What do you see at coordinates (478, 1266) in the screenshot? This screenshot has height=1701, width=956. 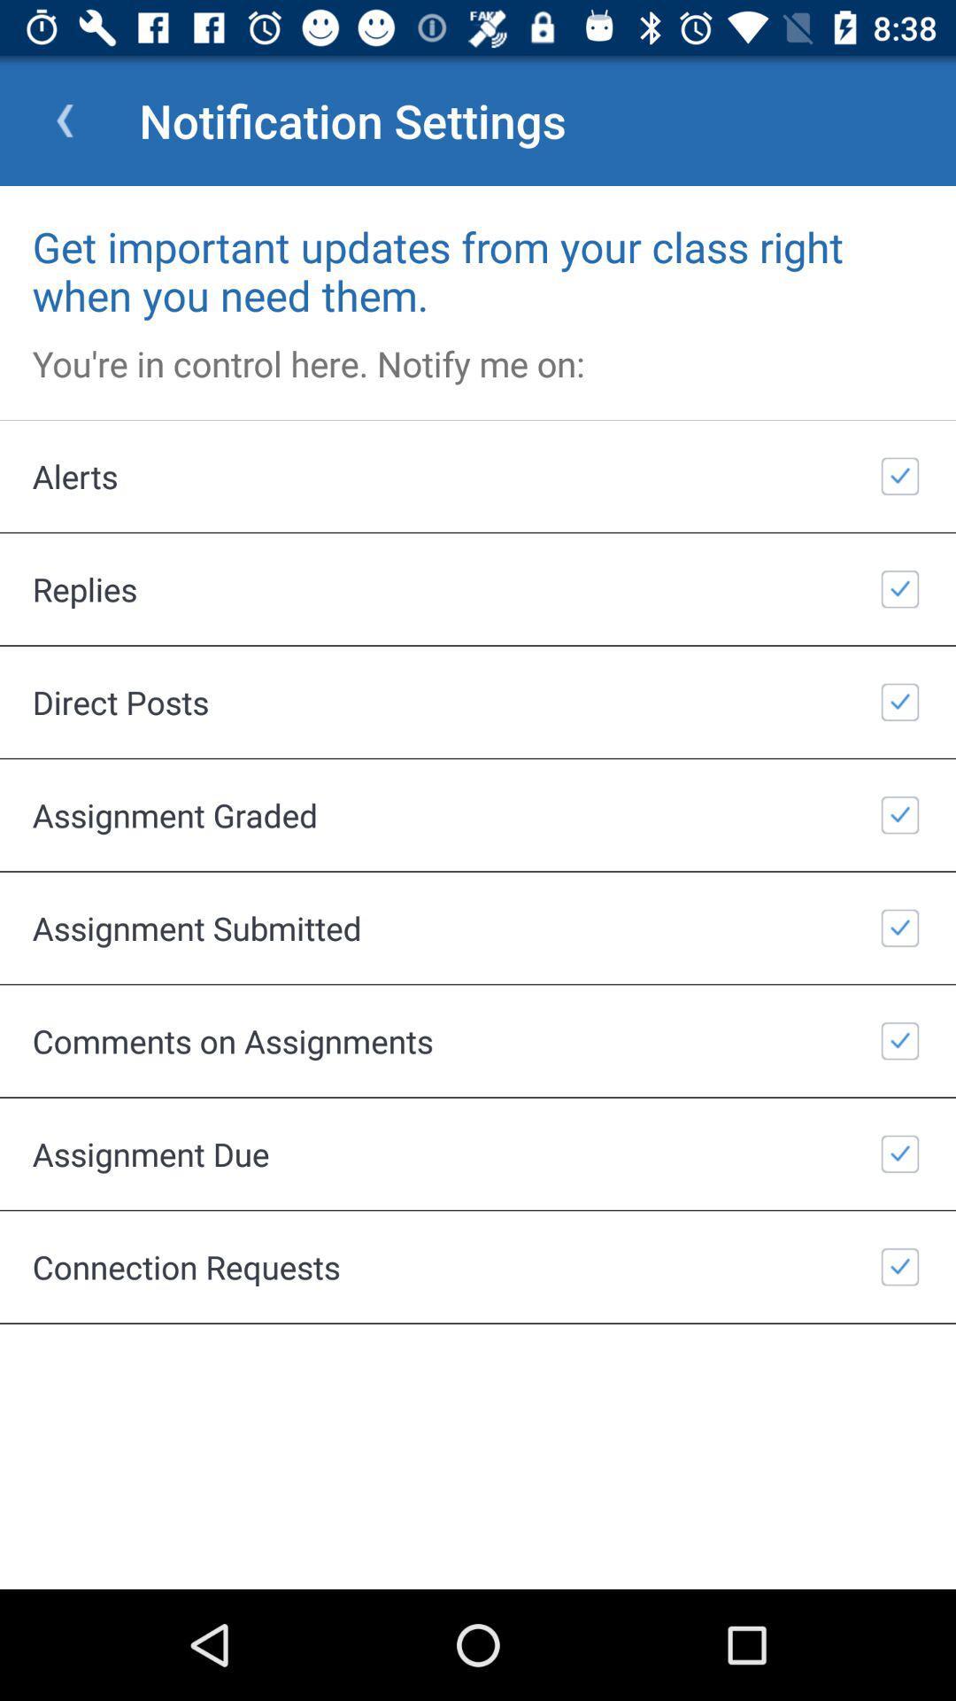 I see `item below assignment due` at bounding box center [478, 1266].